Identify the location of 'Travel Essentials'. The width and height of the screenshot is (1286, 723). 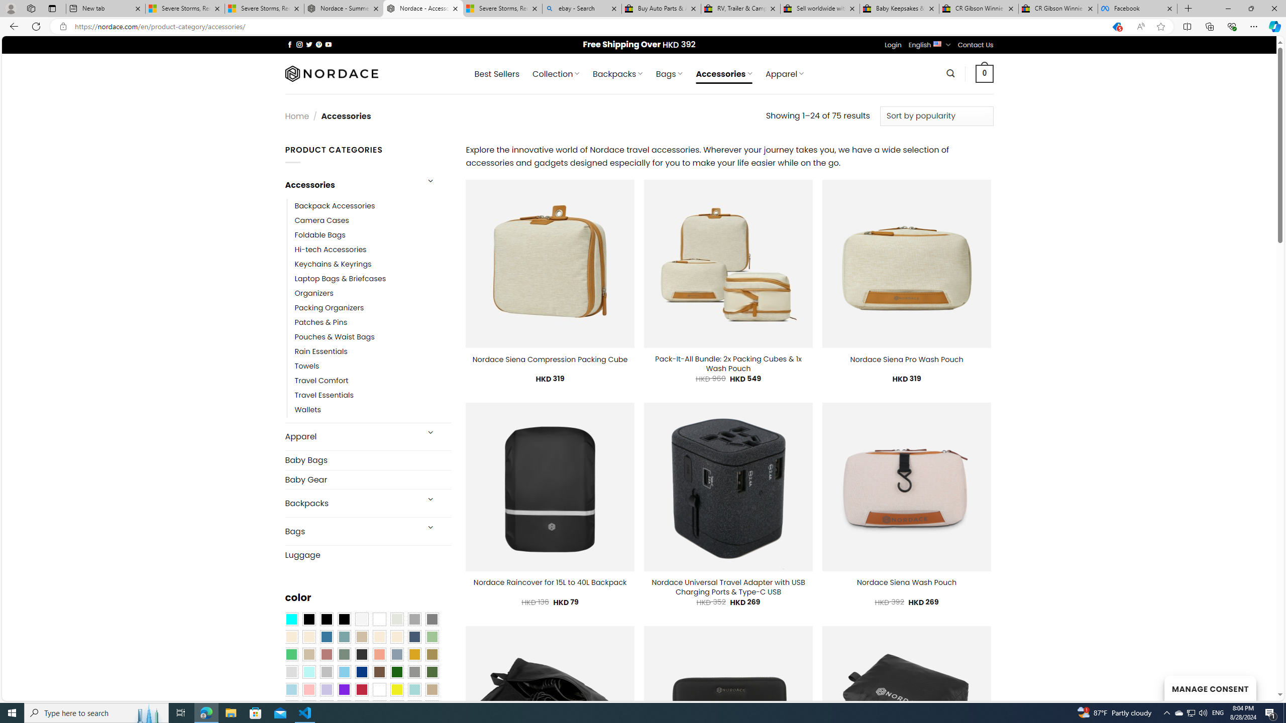
(372, 396).